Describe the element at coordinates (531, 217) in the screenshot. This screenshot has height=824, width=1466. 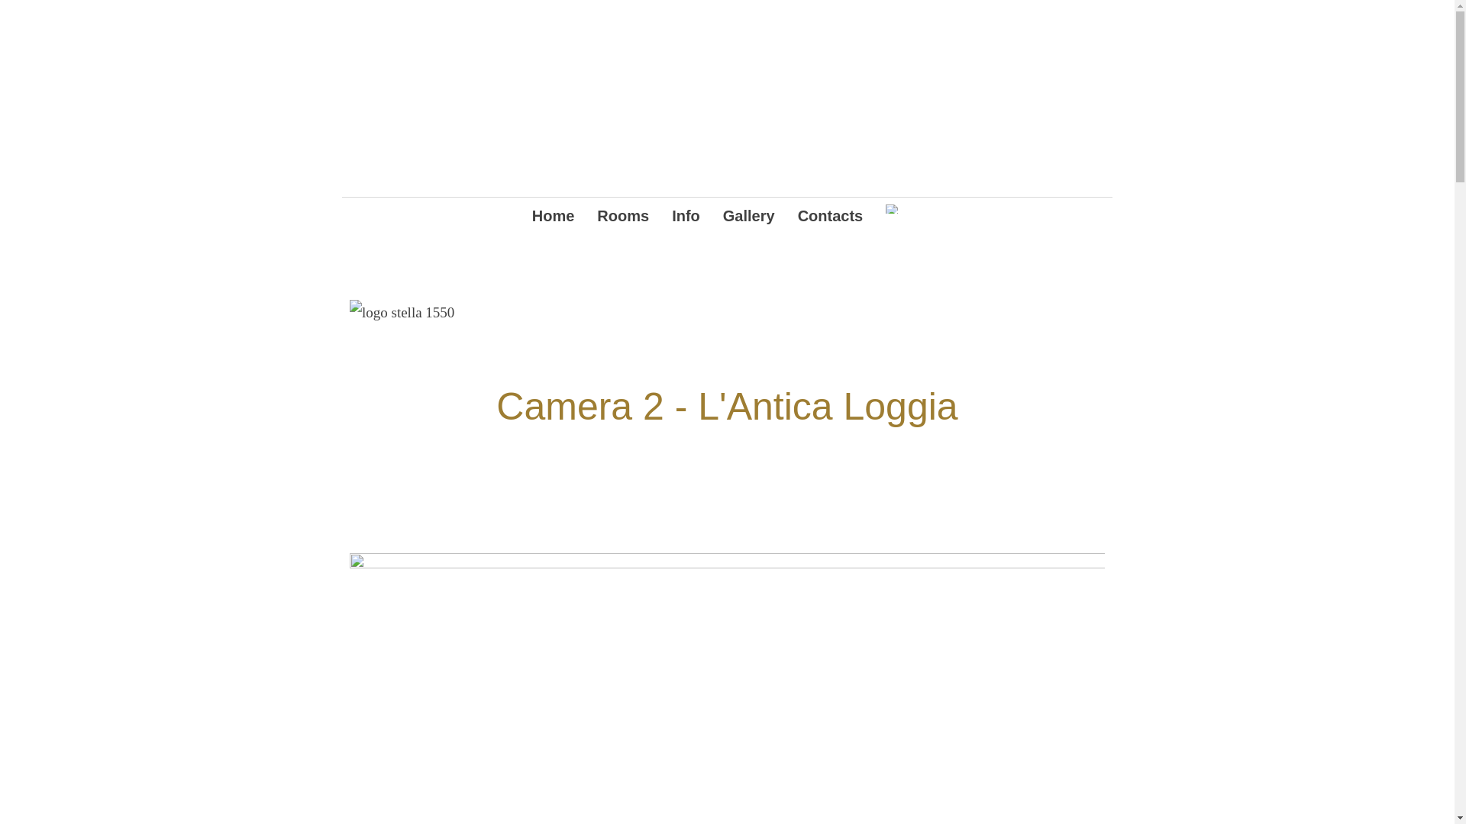
I see `'Home'` at that location.